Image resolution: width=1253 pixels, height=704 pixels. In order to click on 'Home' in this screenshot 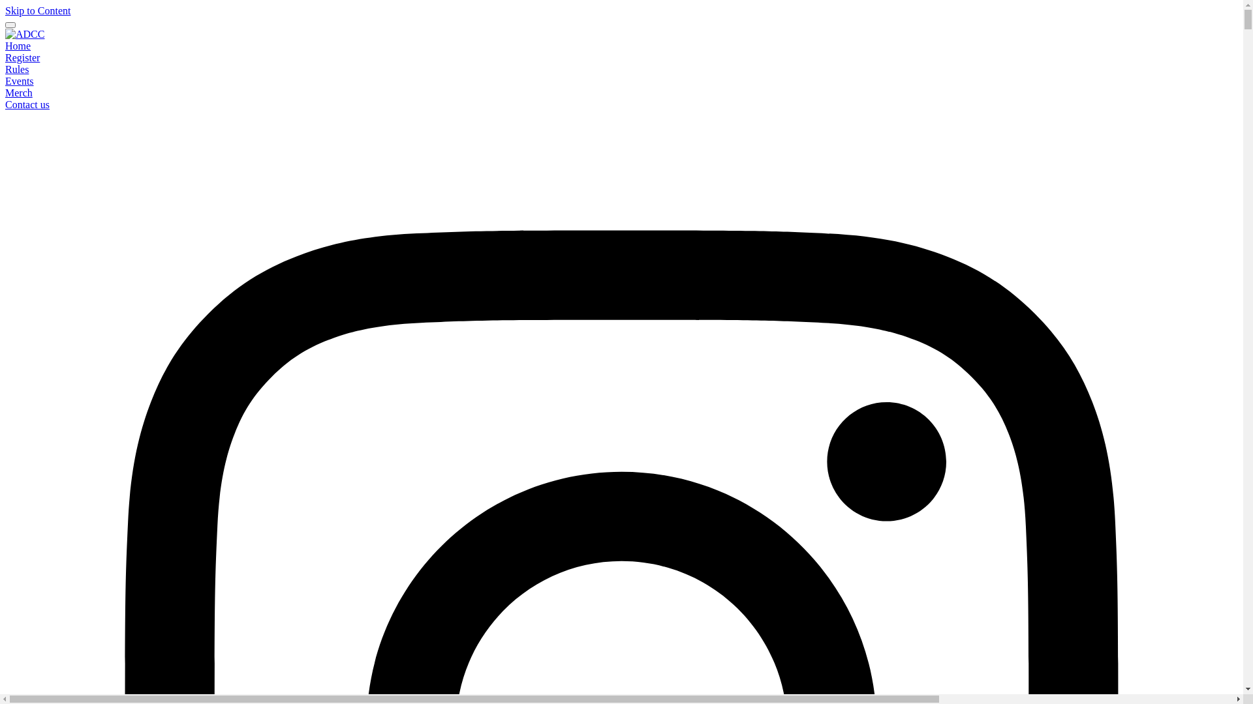, I will do `click(5, 45)`.